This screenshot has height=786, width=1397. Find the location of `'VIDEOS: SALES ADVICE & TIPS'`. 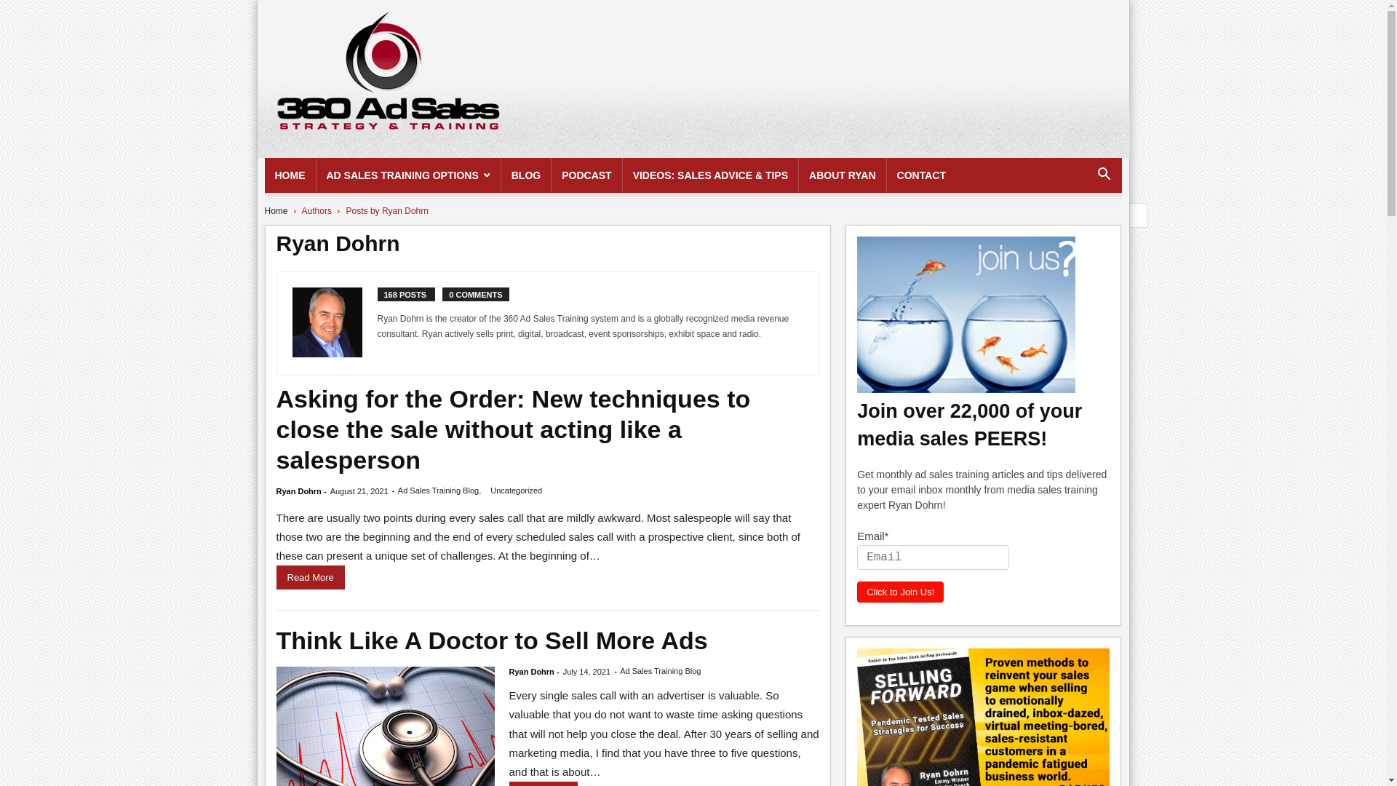

'VIDEOS: SALES ADVICE & TIPS' is located at coordinates (710, 174).